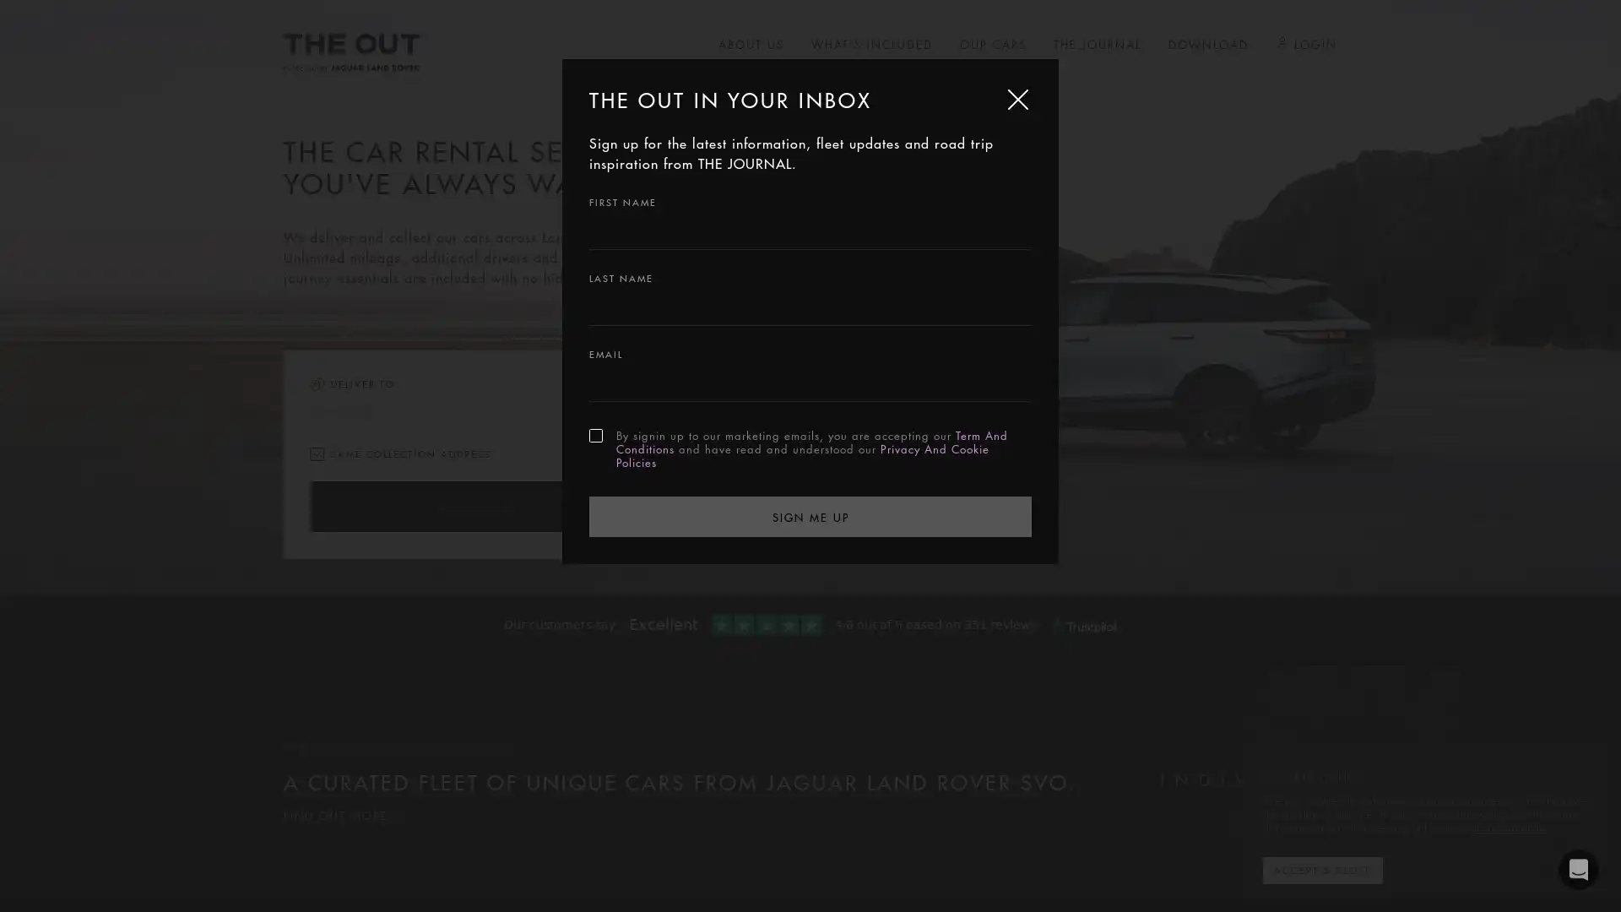 The width and height of the screenshot is (1621, 912). I want to click on CHOOSE CAR, so click(473, 506).